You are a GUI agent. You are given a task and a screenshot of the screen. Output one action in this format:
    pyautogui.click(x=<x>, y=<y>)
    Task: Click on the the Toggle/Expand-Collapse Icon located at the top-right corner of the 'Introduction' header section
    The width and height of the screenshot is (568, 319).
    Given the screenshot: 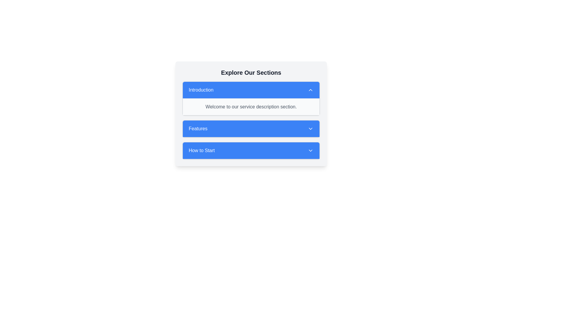 What is the action you would take?
    pyautogui.click(x=310, y=90)
    